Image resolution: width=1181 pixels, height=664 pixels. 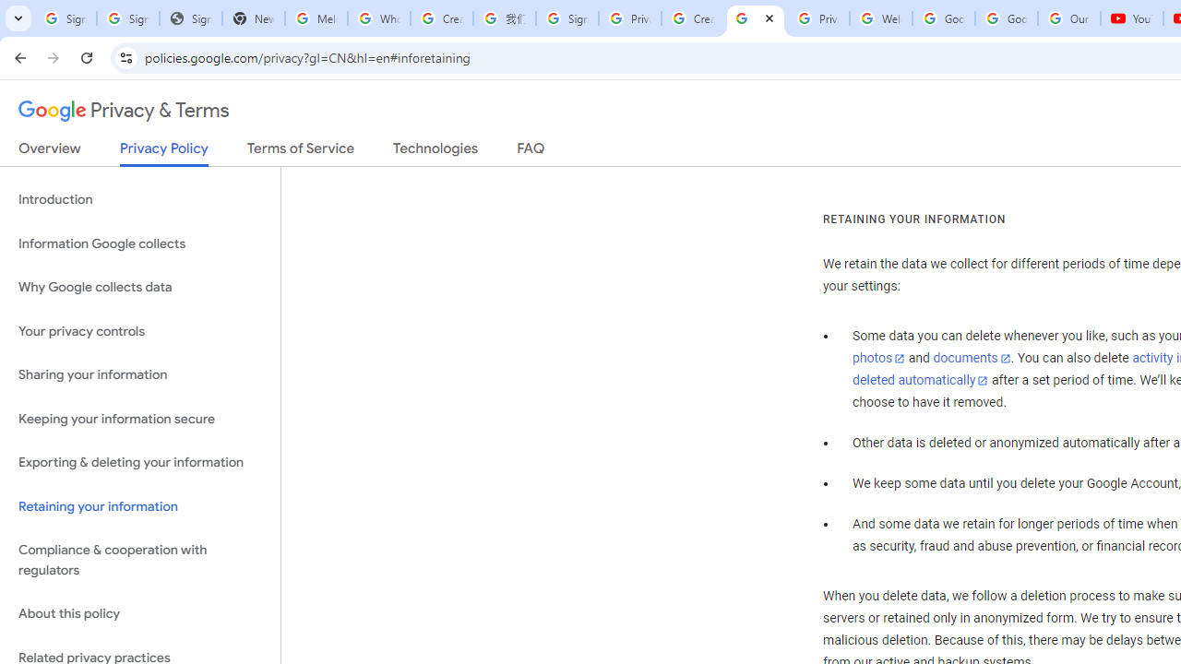 I want to click on 'Terms of Service', so click(x=301, y=151).